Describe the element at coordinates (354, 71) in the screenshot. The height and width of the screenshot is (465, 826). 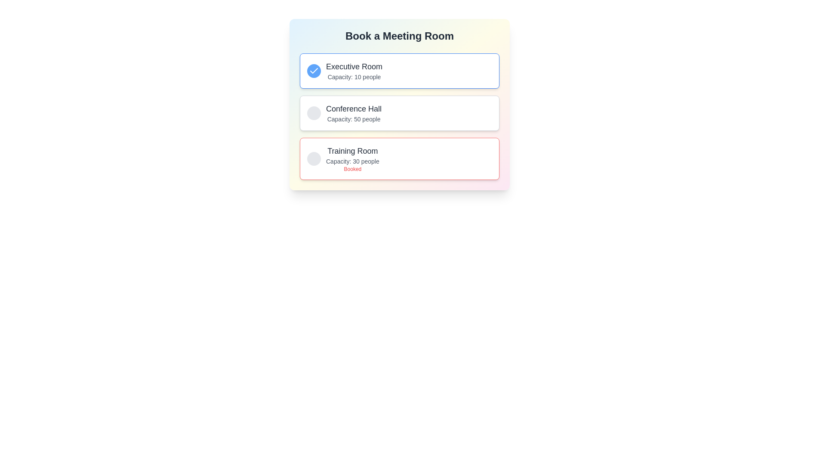
I see `the static text display that shows 'Executive Room' with a capacity of 10 people, positioned centrally in the list of meeting rooms` at that location.